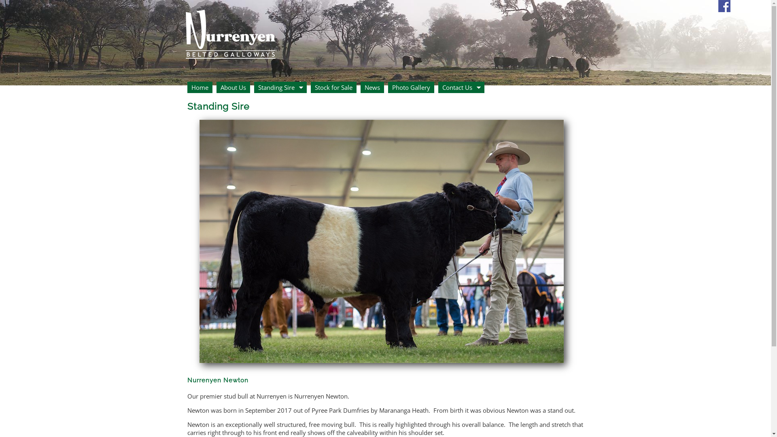 The height and width of the screenshot is (437, 777). What do you see at coordinates (371, 87) in the screenshot?
I see `'News'` at bounding box center [371, 87].